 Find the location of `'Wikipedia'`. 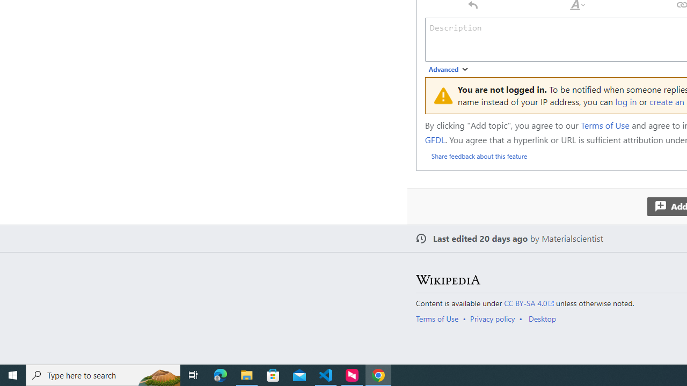

'Wikipedia' is located at coordinates (448, 279).